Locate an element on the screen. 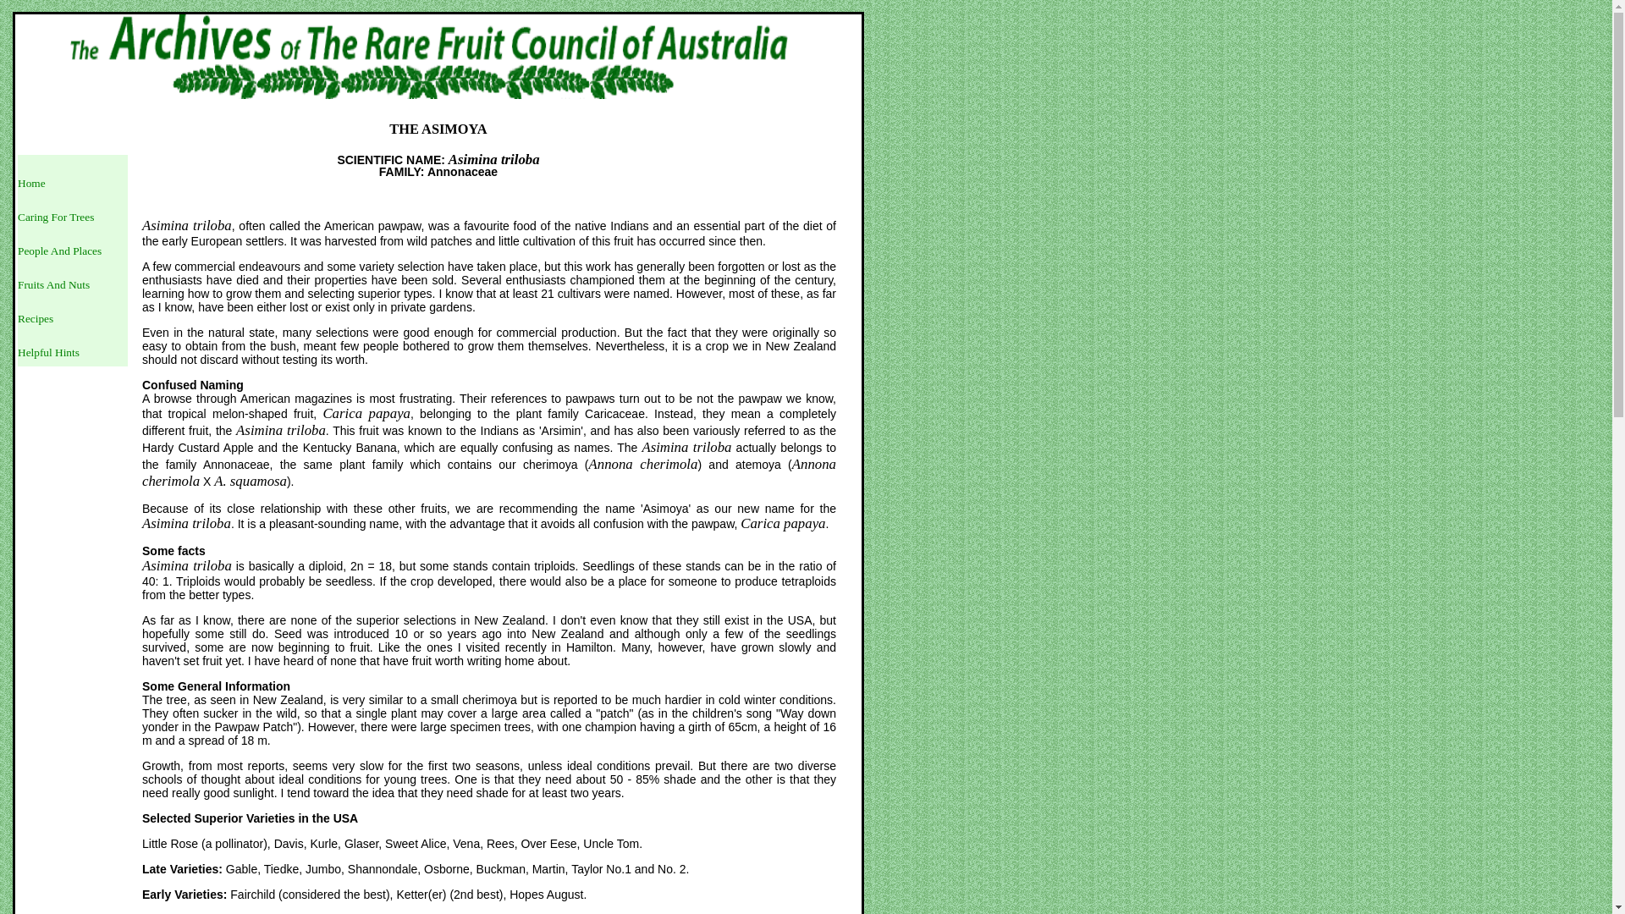 The width and height of the screenshot is (1625, 914). 'Caring For Trees' is located at coordinates (17, 216).